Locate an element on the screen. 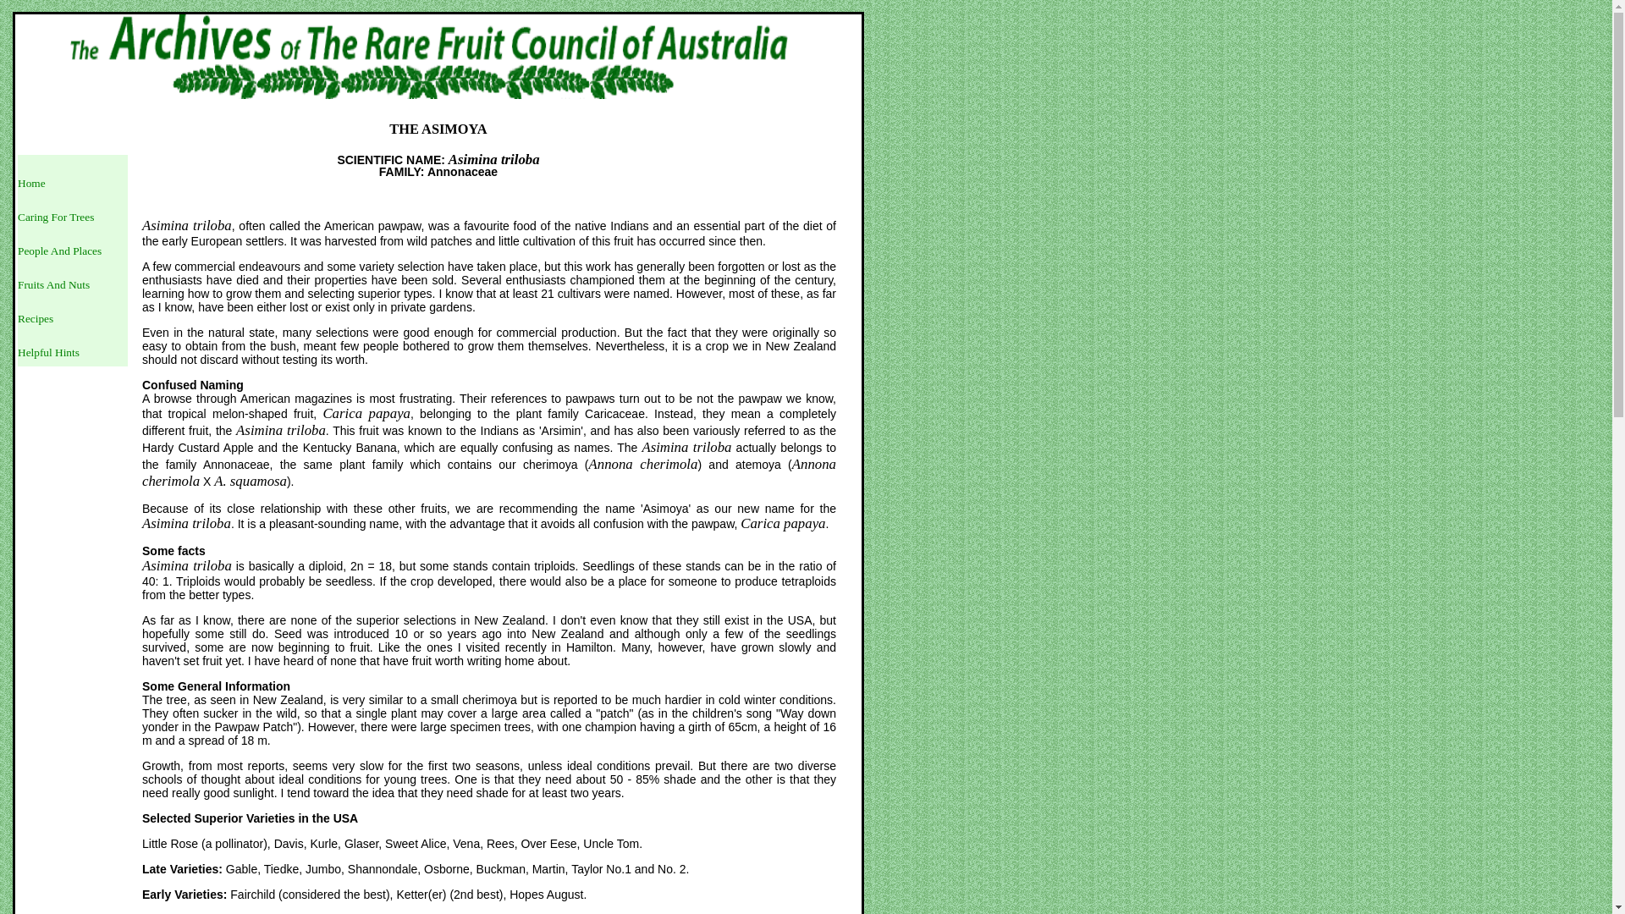 The width and height of the screenshot is (1625, 914). 'Caring For Trees' is located at coordinates (17, 216).